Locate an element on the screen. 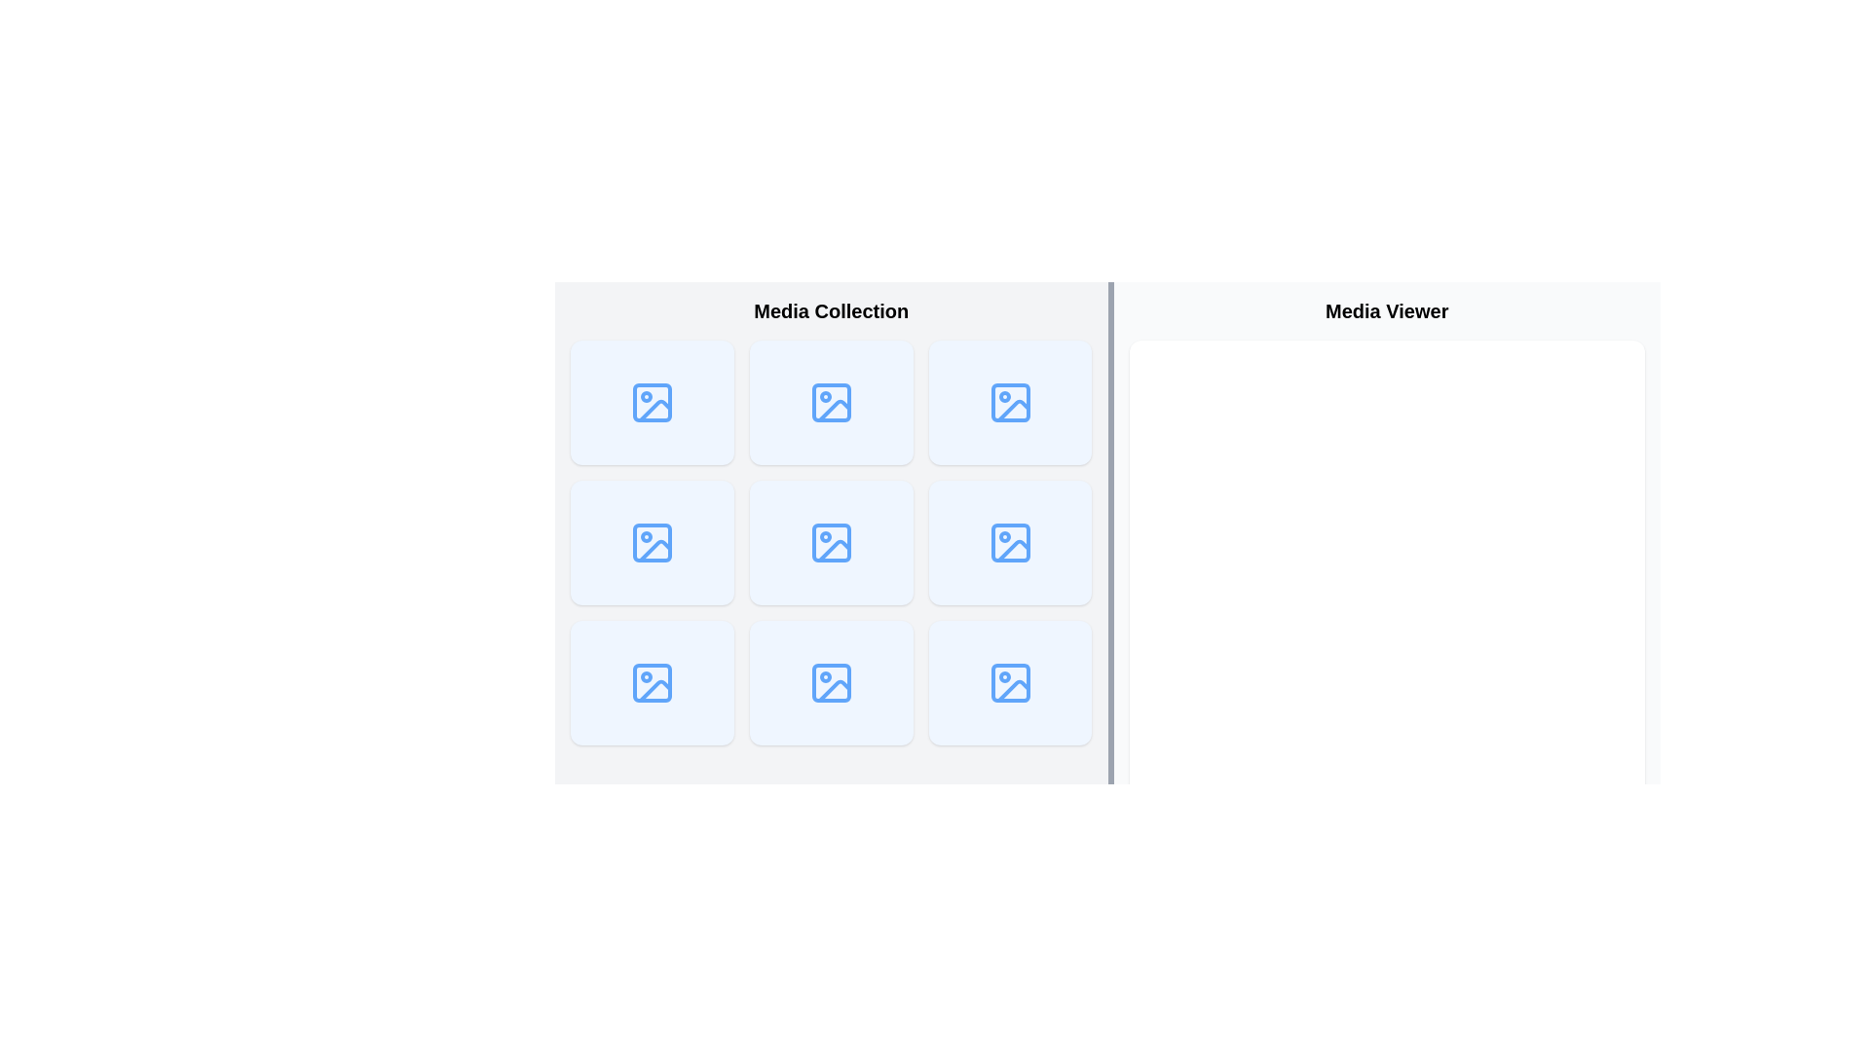  the selectable tile located at the bottom-left corner of a 3x3 grid layout, which serves as the last element is located at coordinates (652, 682).